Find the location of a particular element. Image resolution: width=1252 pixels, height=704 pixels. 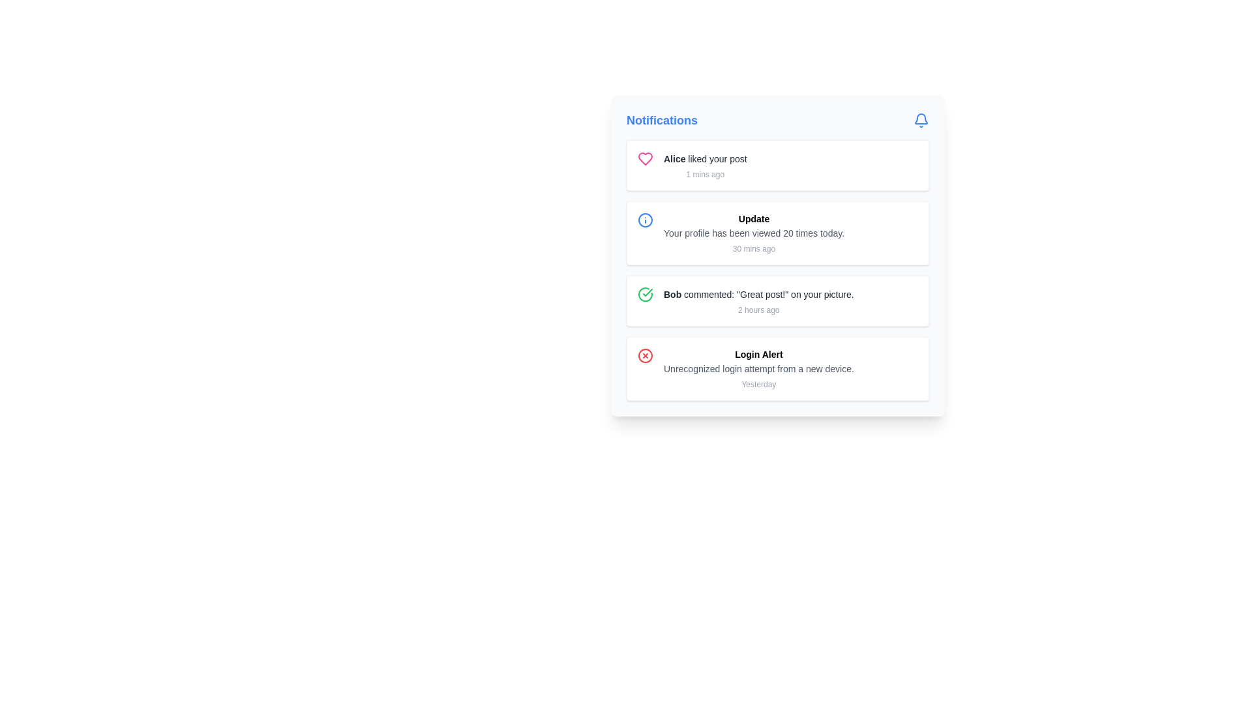

the text that provides detailed information about the login alert, stating 'Unrecognized login attempt from a new device.' is located at coordinates (758, 369).